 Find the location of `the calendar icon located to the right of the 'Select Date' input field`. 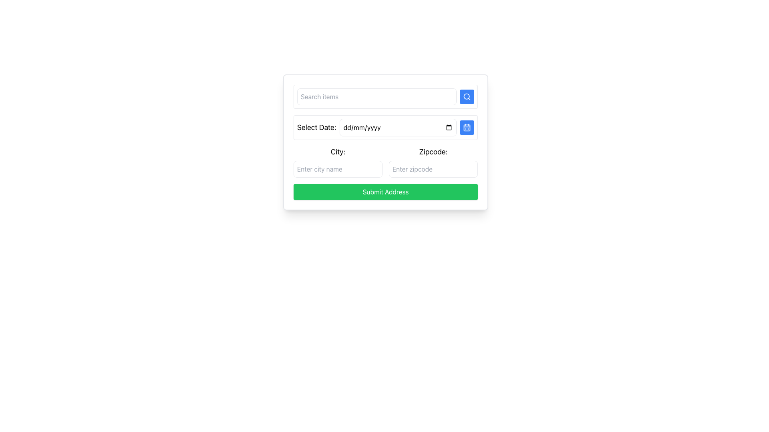

the calendar icon located to the right of the 'Select Date' input field is located at coordinates (467, 127).